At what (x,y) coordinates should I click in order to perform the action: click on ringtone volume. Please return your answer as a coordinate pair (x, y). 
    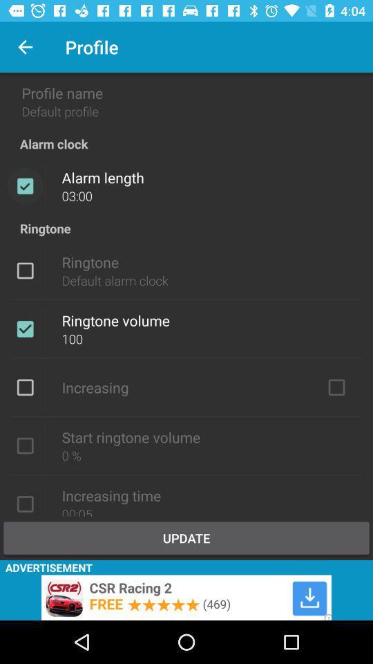
    Looking at the image, I should click on (25, 329).